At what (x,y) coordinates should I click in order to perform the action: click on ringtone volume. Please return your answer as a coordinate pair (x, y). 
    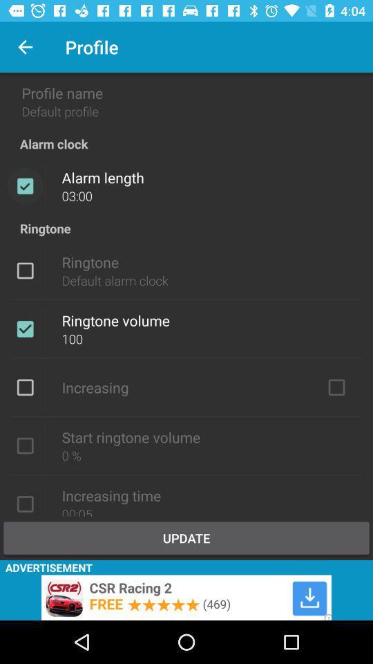
    Looking at the image, I should click on (25, 329).